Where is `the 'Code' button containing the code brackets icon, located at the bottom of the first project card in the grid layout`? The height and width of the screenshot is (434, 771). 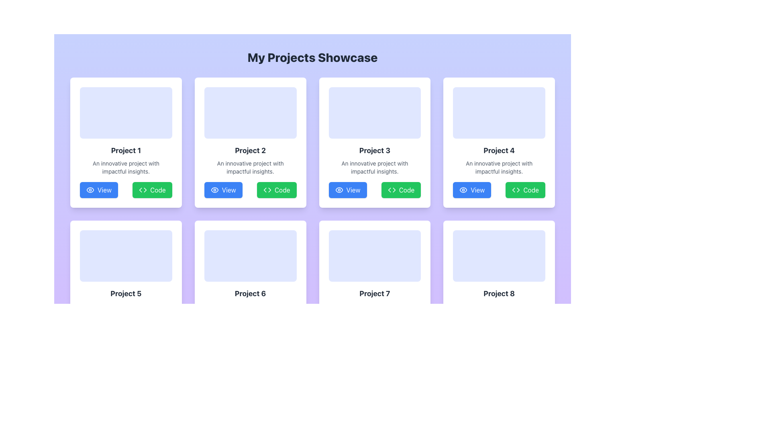
the 'Code' button containing the code brackets icon, located at the bottom of the first project card in the grid layout is located at coordinates (143, 190).